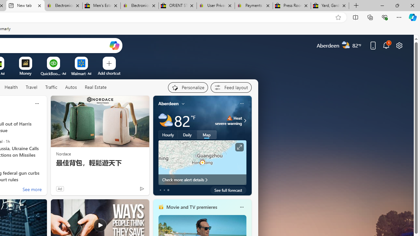 Image resolution: width=420 pixels, height=236 pixels. What do you see at coordinates (71, 87) in the screenshot?
I see `'Autos'` at bounding box center [71, 87].